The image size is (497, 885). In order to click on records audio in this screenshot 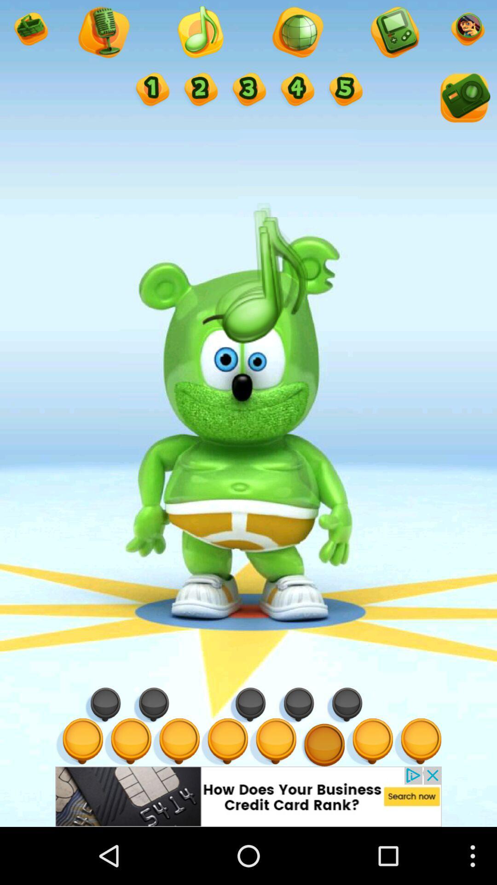, I will do `click(103, 33)`.